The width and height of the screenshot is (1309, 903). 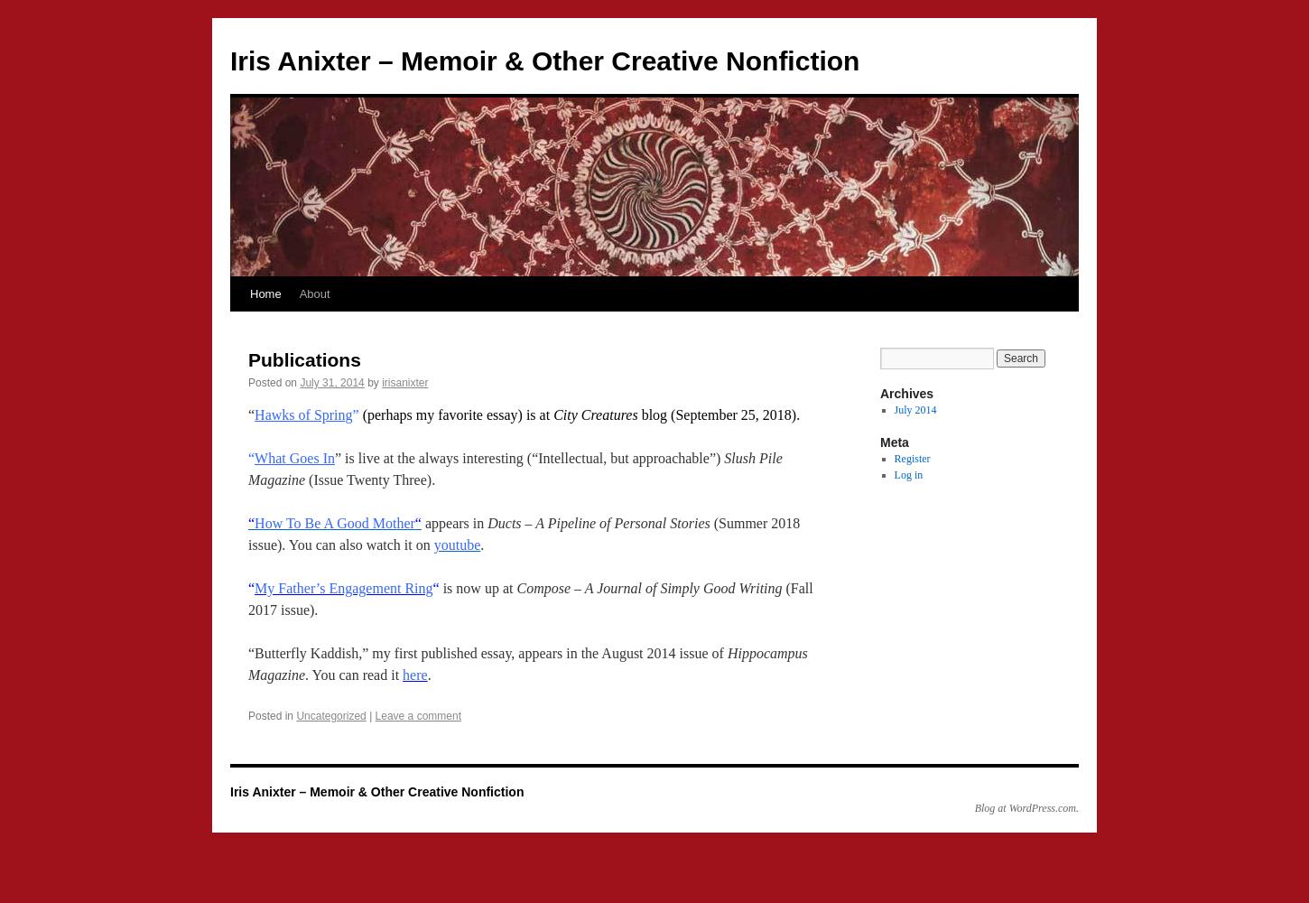 I want to click on 'Blog at WordPress.com.', so click(x=1025, y=808).